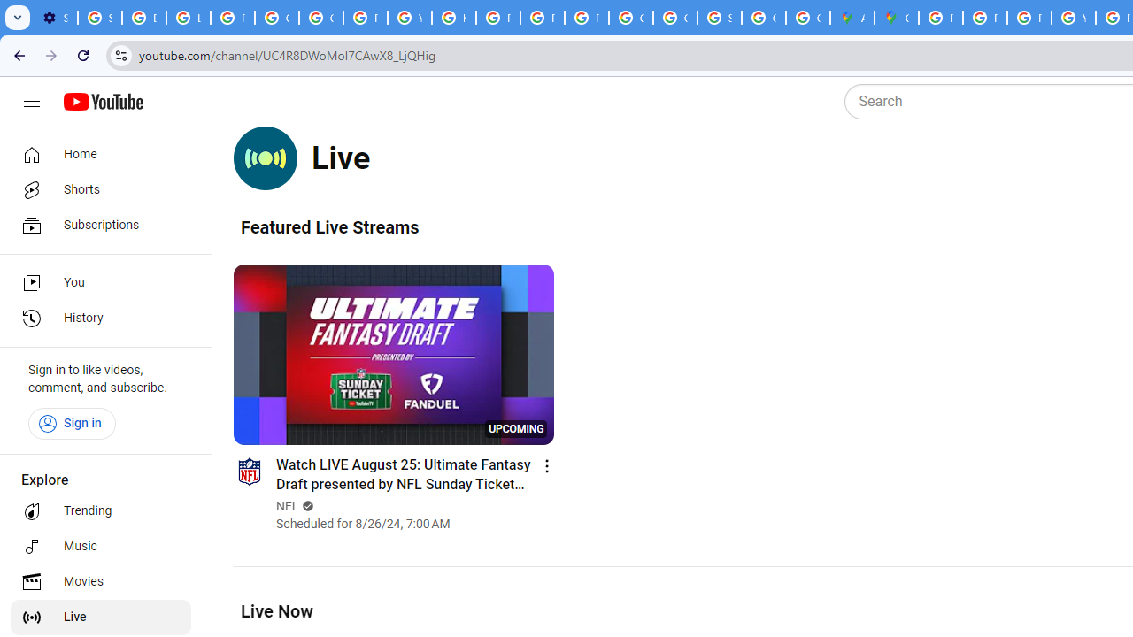 Image resolution: width=1133 pixels, height=637 pixels. Describe the element at coordinates (497, 18) in the screenshot. I see `'Privacy Help Center - Policies Help'` at that location.